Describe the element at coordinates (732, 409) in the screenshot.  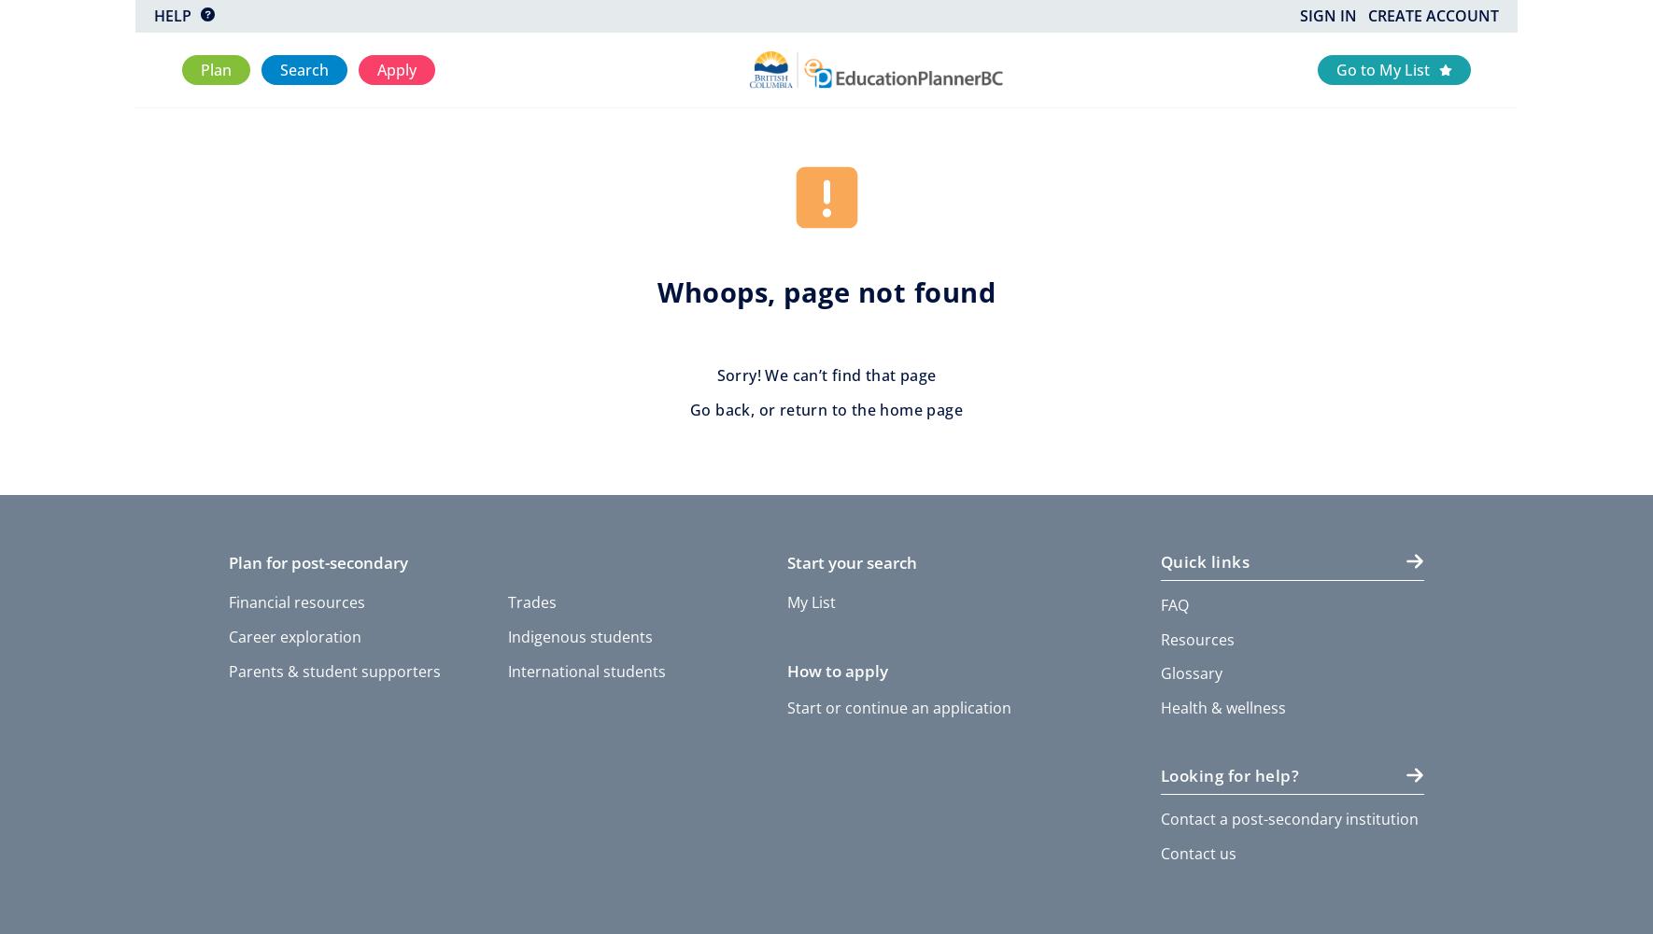
I see `'back'` at that location.